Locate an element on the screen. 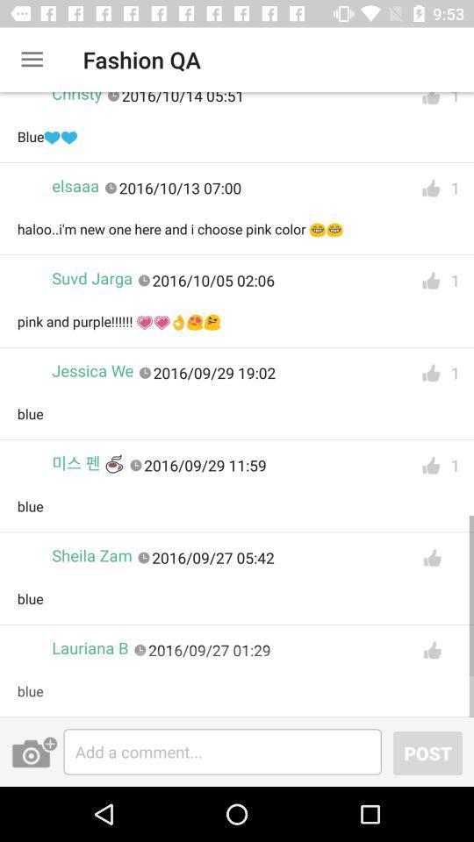 Image resolution: width=474 pixels, height=842 pixels. thumbs up is located at coordinates (430, 189).